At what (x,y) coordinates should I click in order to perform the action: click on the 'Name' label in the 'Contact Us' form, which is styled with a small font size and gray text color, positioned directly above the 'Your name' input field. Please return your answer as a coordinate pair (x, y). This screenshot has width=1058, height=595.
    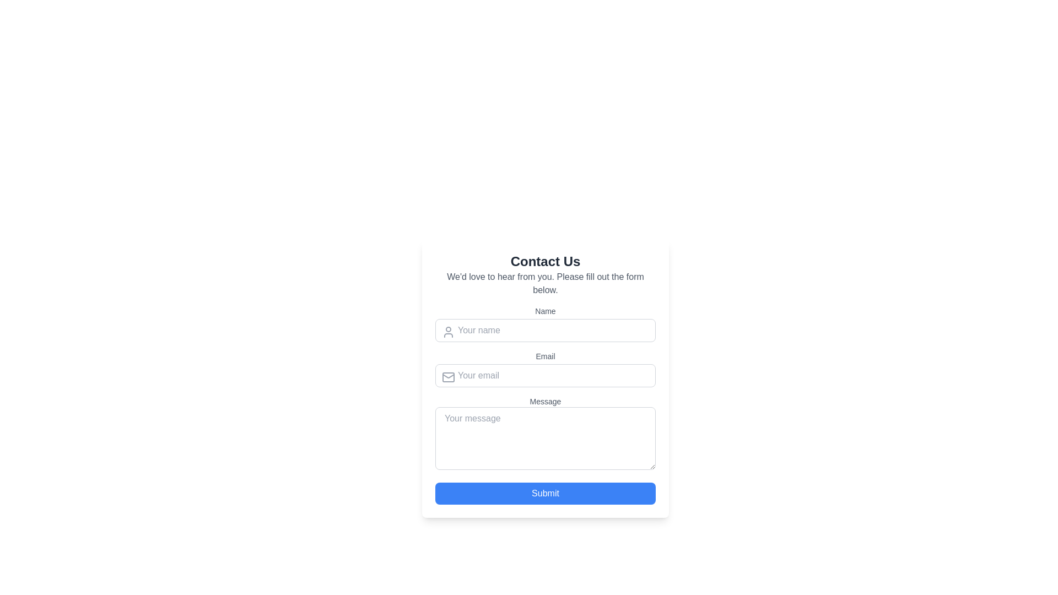
    Looking at the image, I should click on (545, 311).